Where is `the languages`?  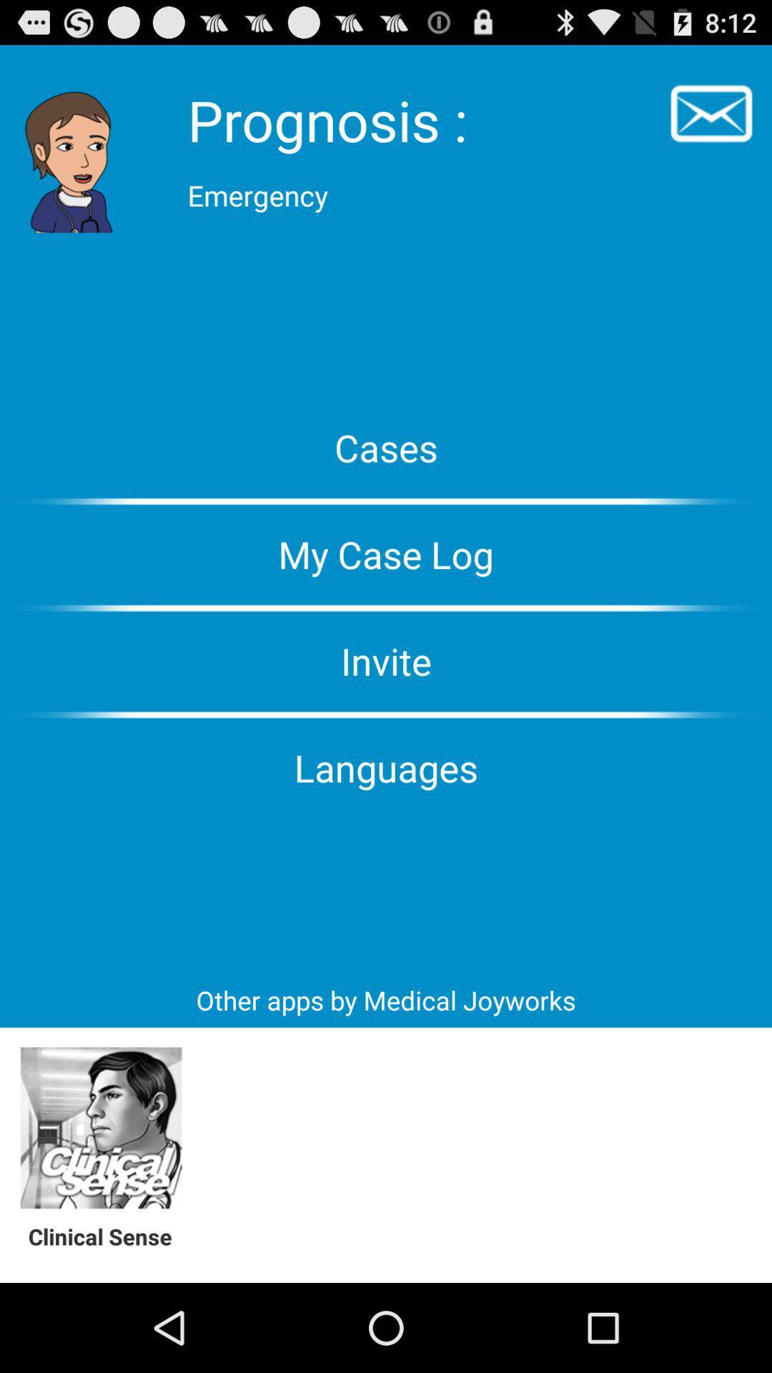 the languages is located at coordinates (386, 767).